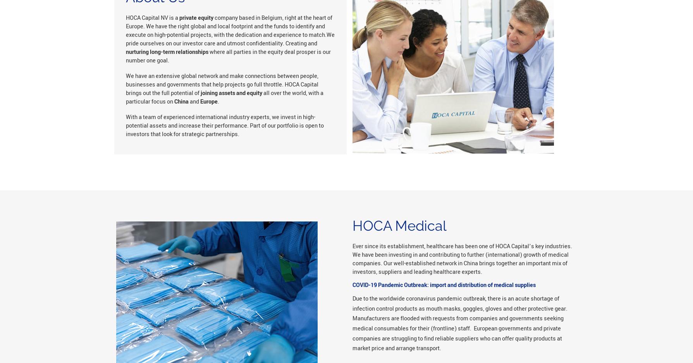 The width and height of the screenshot is (693, 363). I want to click on 'where all parties in the equity deal prosper is our number one goal.', so click(227, 56).